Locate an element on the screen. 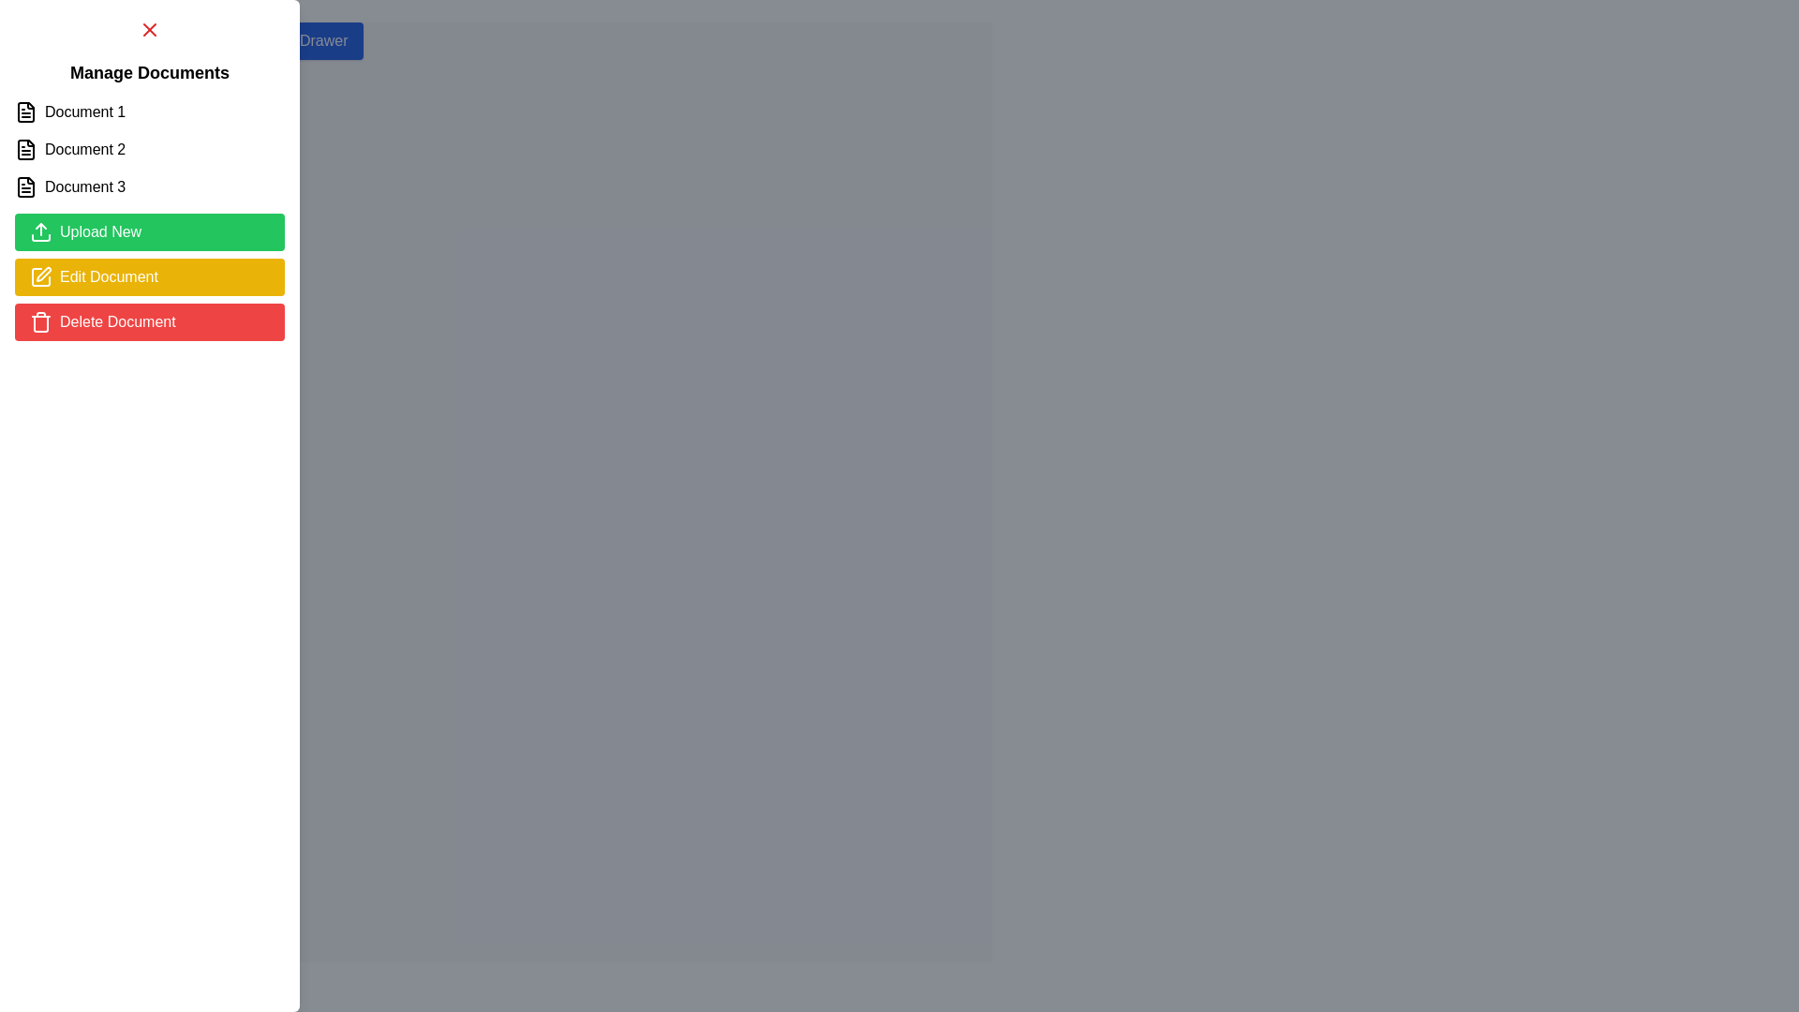  the icon representing 'Document 3', located near the top-middle of the left-side navigation panel, to the left of the text 'Document 3' is located at coordinates (26, 187).